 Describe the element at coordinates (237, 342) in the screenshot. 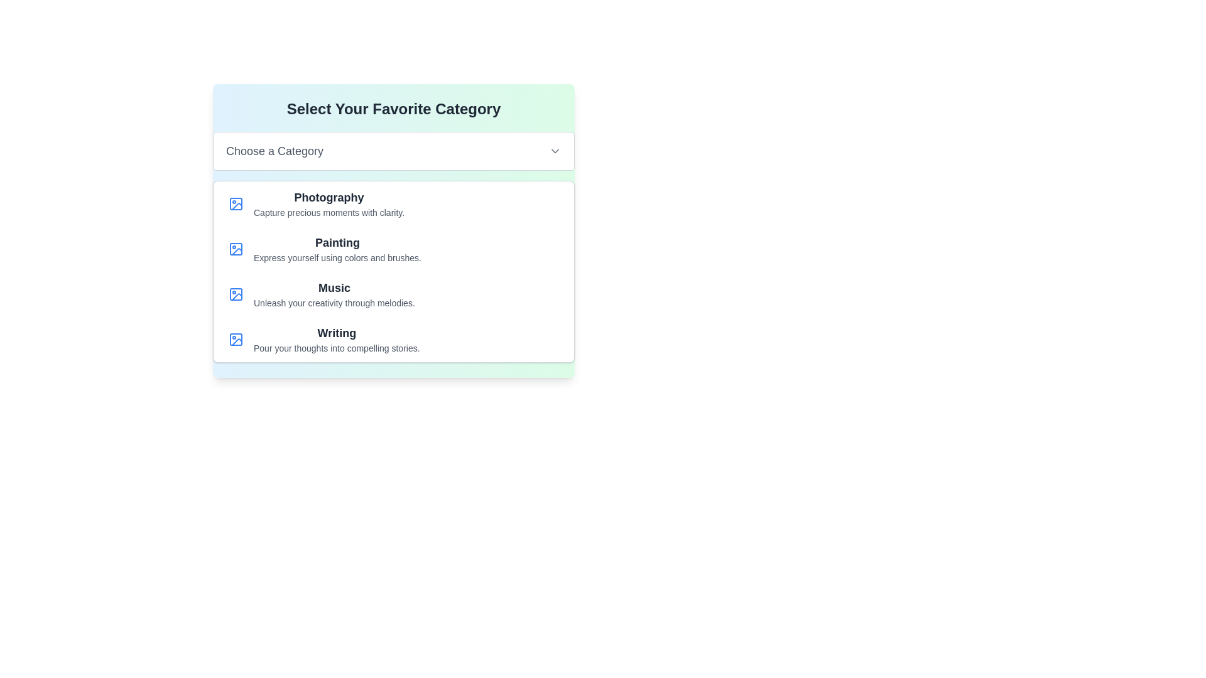

I see `the decorative icon element representing 'Writing' located in the lower-right corner of its icon in the fourth row of the category list panel` at that location.